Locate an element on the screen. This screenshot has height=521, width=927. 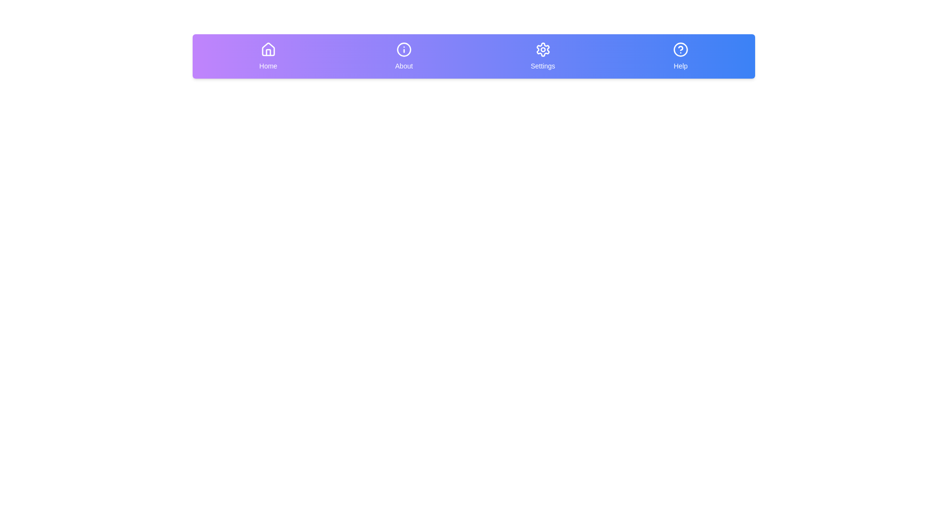
the decorative circular shape representing the border of the information icon, which is centered within the second icon from the left in the navigation bar, above the 'About' label is located at coordinates (404, 50).